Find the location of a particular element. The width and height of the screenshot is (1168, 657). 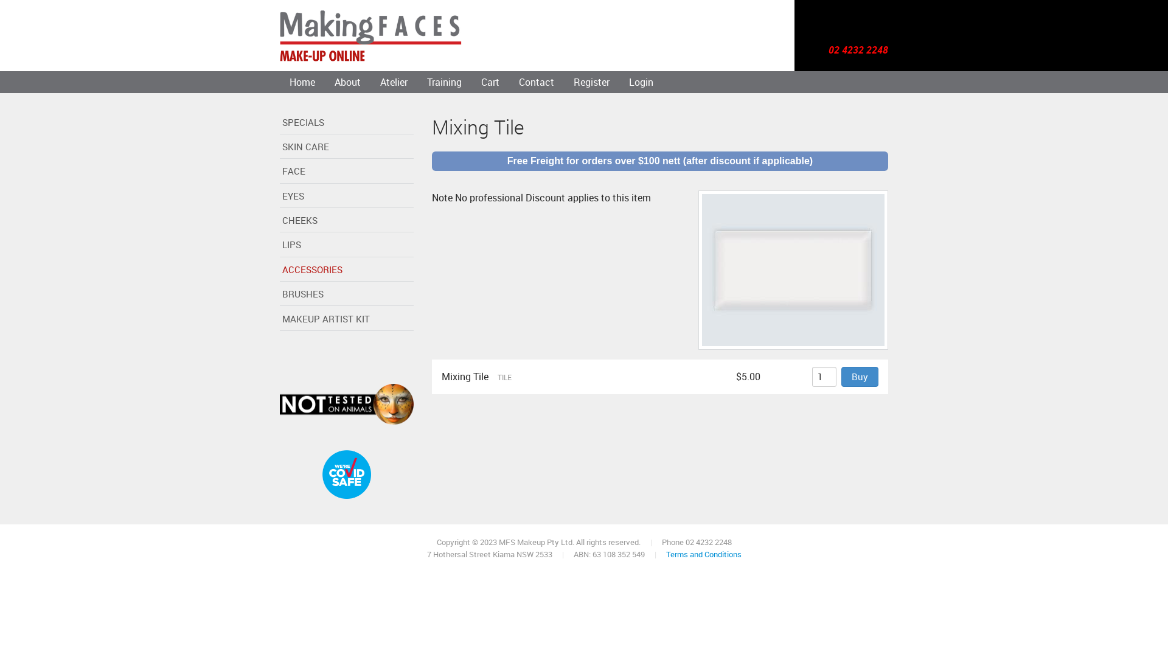

'Login' is located at coordinates (641, 82).